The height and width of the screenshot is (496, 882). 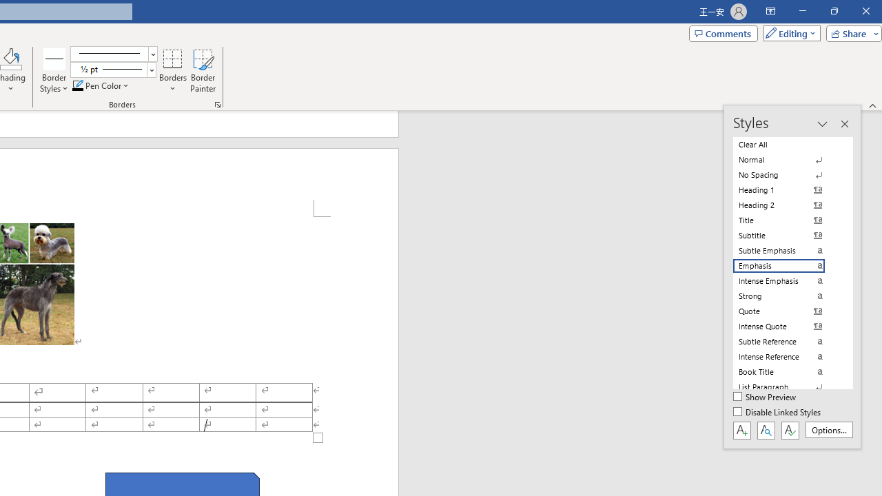 What do you see at coordinates (787, 205) in the screenshot?
I see `'Heading 2'` at bounding box center [787, 205].